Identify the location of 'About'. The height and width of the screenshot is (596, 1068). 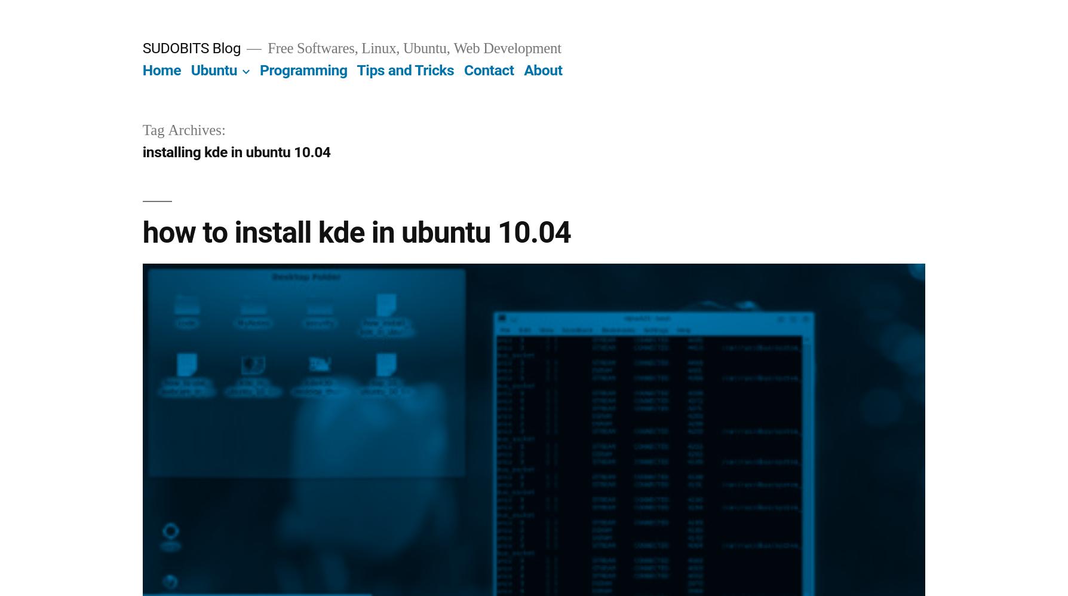
(543, 70).